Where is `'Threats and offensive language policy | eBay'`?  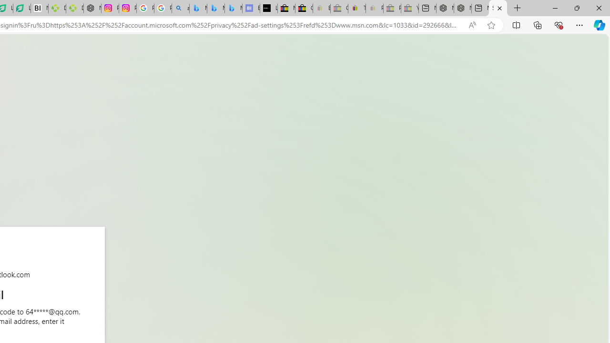
'Threats and offensive language policy | eBay' is located at coordinates (356, 8).